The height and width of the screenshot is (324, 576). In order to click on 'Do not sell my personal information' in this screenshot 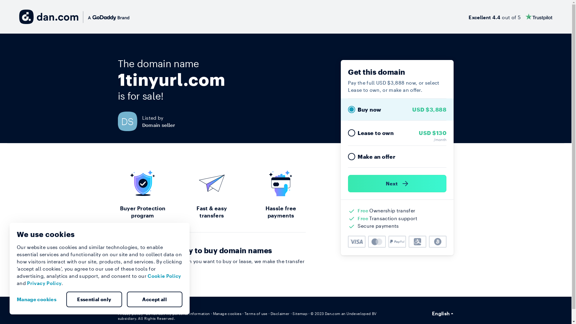, I will do `click(178, 313)`.